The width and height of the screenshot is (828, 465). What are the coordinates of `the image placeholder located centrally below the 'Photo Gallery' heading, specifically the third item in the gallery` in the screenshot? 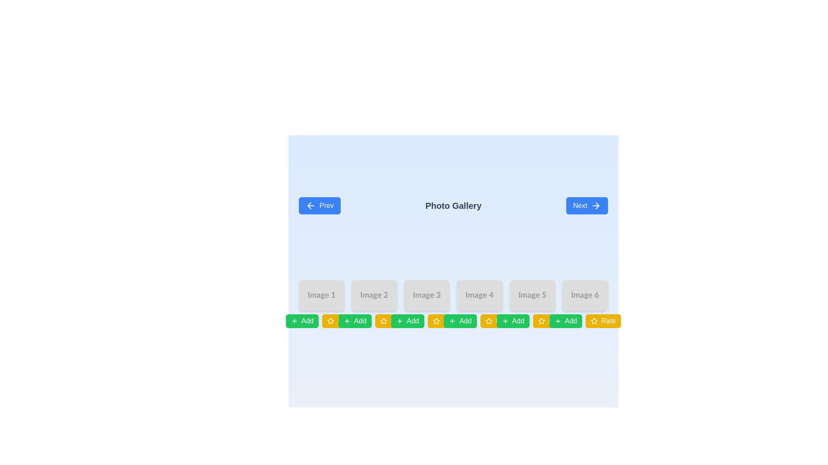 It's located at (427, 295).